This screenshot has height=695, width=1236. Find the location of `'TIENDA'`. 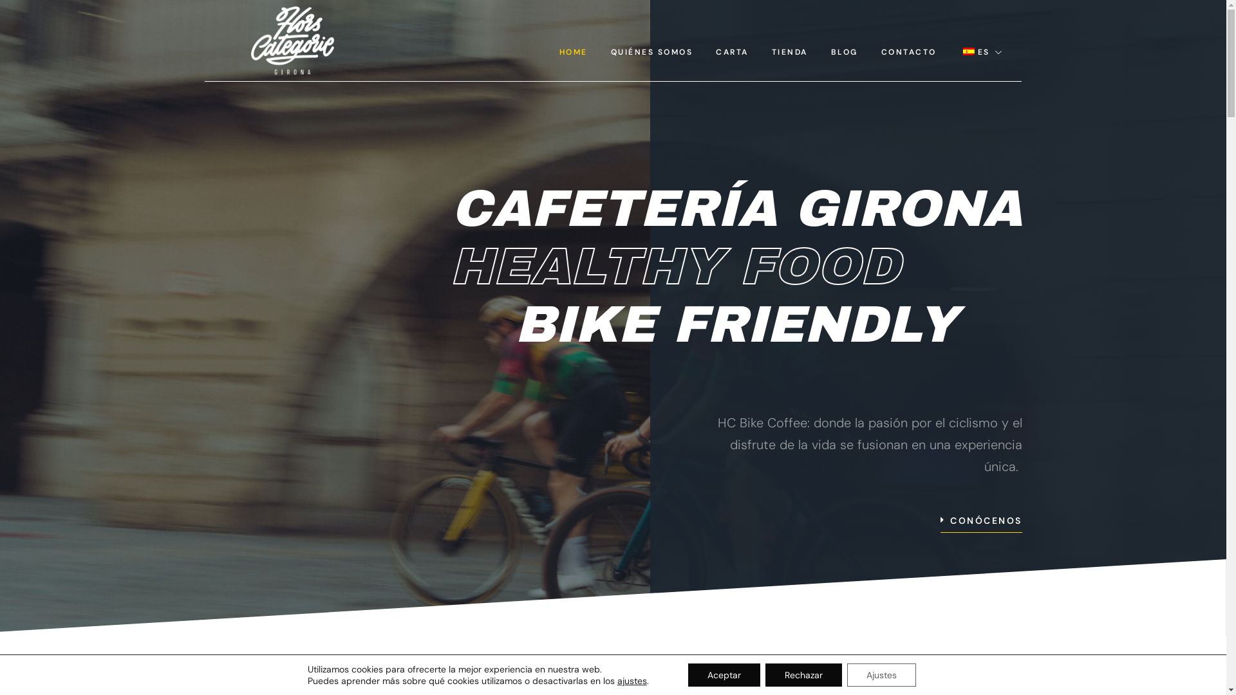

'TIENDA' is located at coordinates (789, 51).